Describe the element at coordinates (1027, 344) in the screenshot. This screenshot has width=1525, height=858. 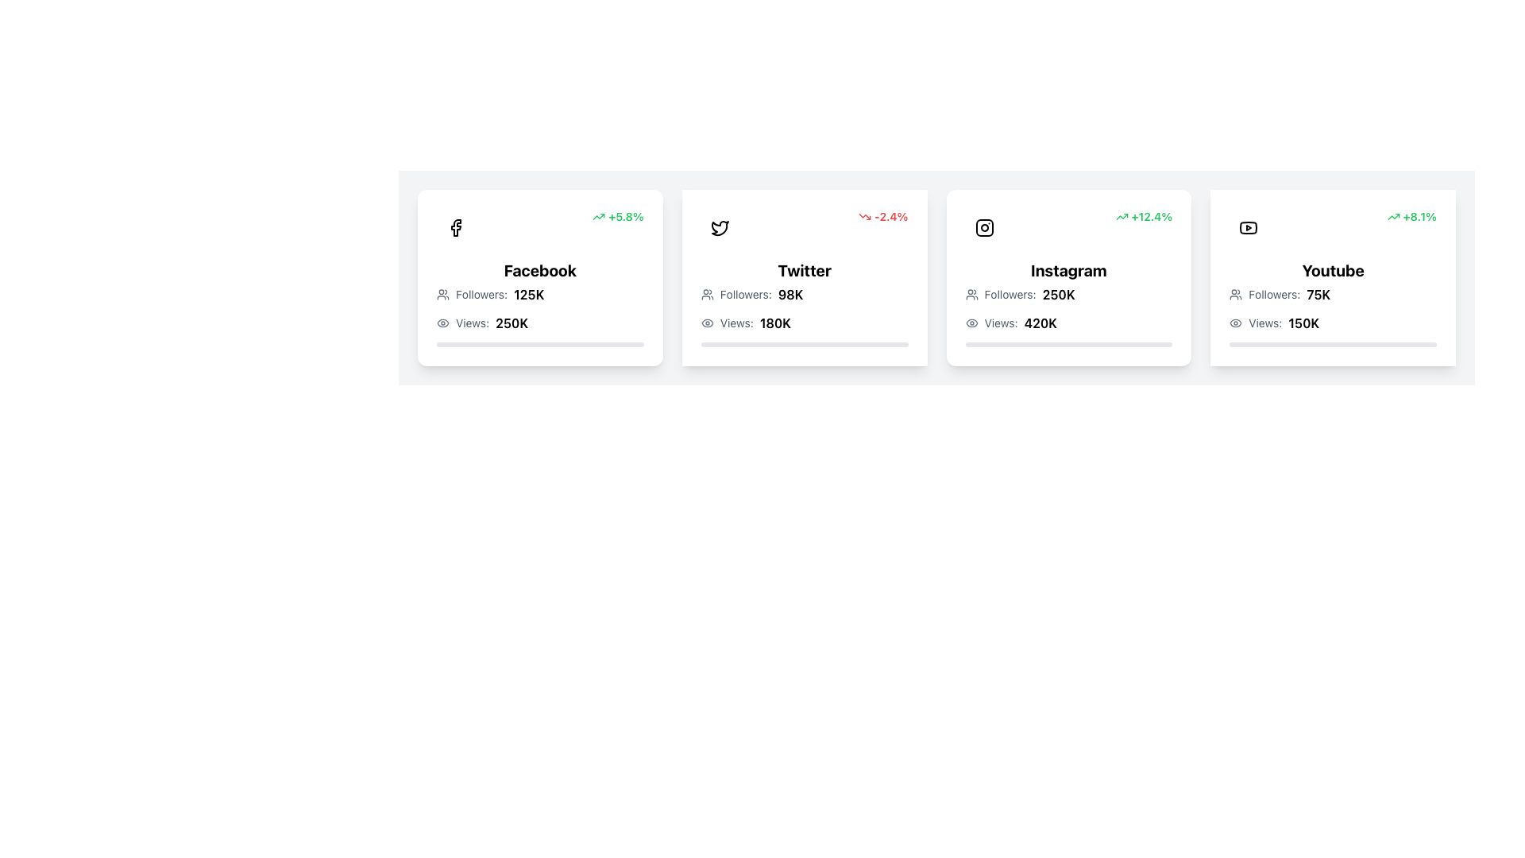
I see `the vibrant pink progress bar segment, which is the filled portion of the gray progress bar indicating 60% completion, located under the 'Views: 420K' metrics in the Instagram section` at that location.